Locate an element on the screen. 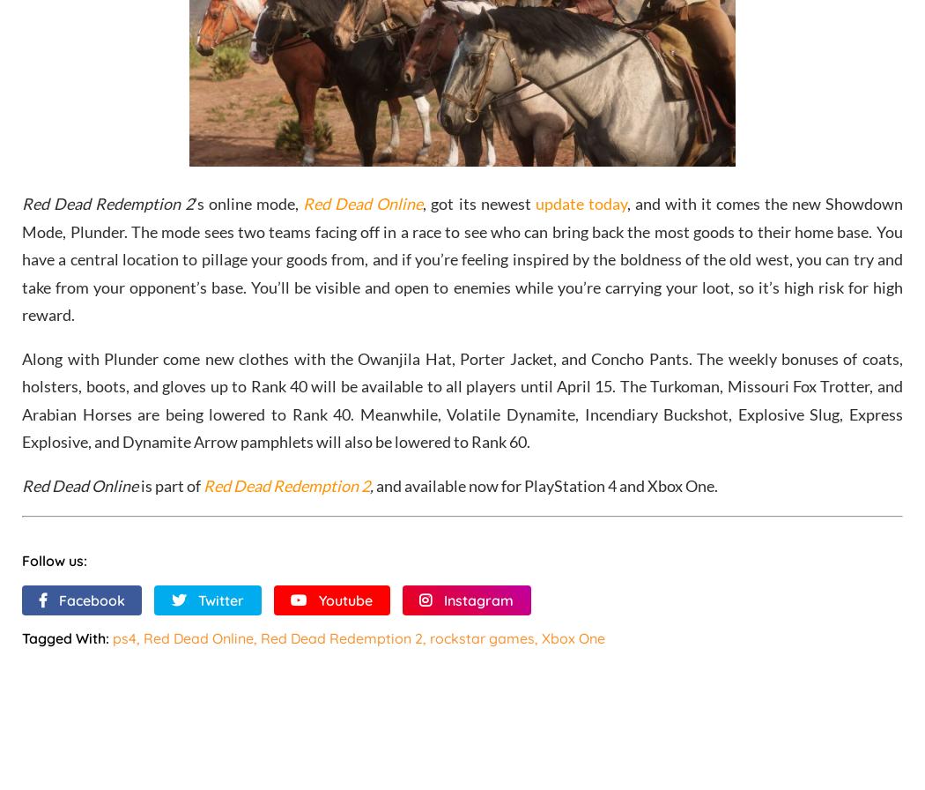 This screenshot has width=925, height=790. 'rockstar games' is located at coordinates (482, 637).